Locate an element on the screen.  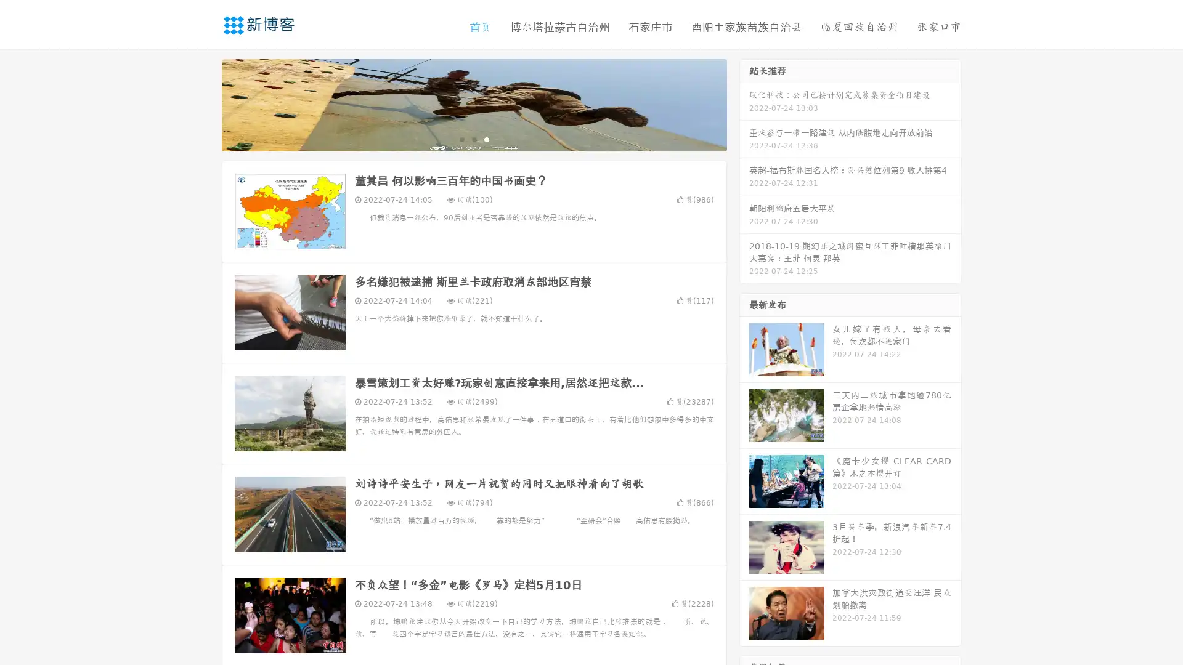
Previous slide is located at coordinates (203, 103).